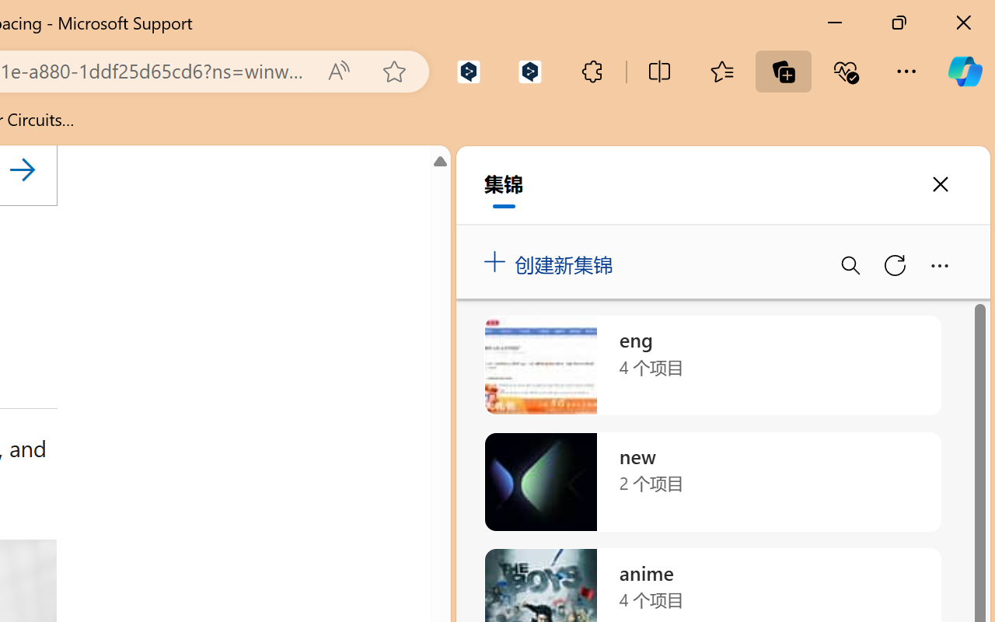 The width and height of the screenshot is (995, 622). Describe the element at coordinates (964, 71) in the screenshot. I see `'Copilot (Ctrl+Shift+.)'` at that location.